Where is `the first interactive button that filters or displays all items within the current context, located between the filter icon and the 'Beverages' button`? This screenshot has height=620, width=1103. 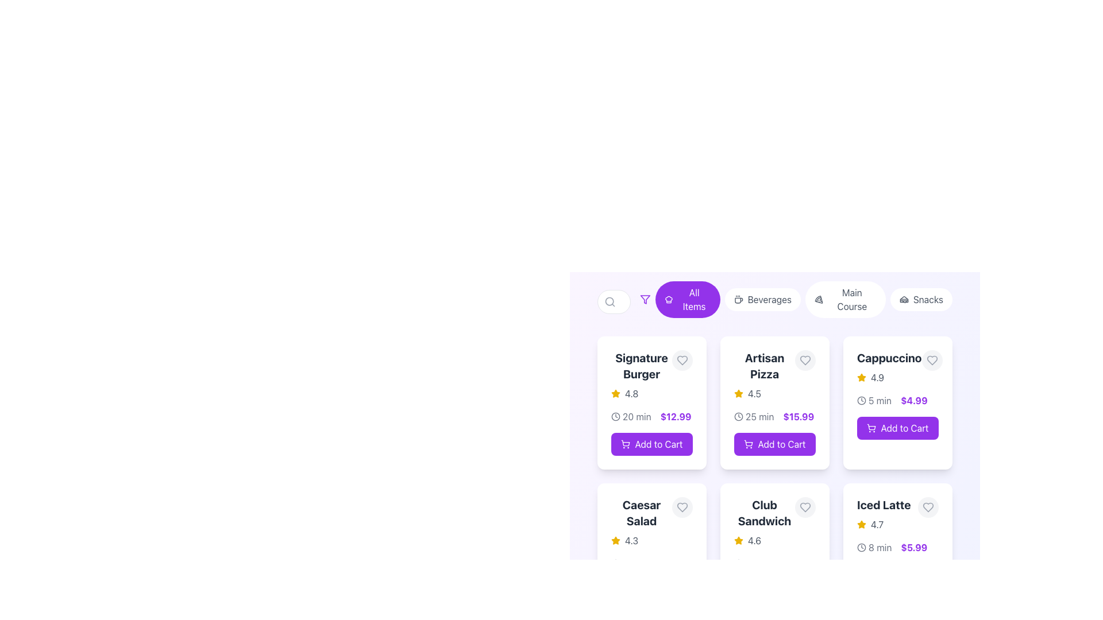 the first interactive button that filters or displays all items within the current context, located between the filter icon and the 'Beverages' button is located at coordinates (688, 299).